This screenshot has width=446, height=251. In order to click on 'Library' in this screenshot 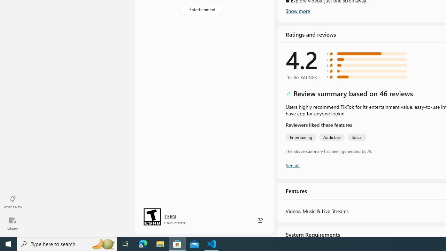, I will do `click(12, 223)`.